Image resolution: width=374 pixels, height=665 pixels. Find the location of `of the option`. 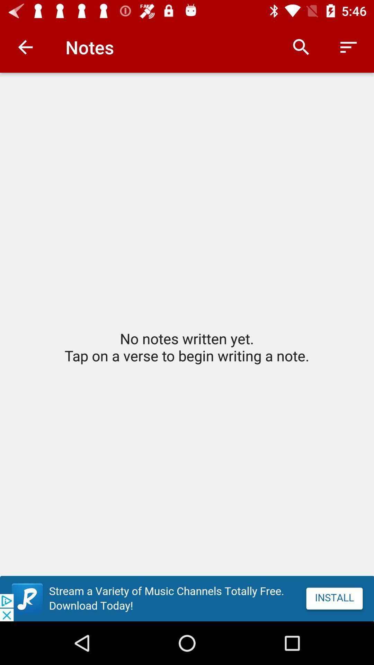

of the option is located at coordinates (187, 598).